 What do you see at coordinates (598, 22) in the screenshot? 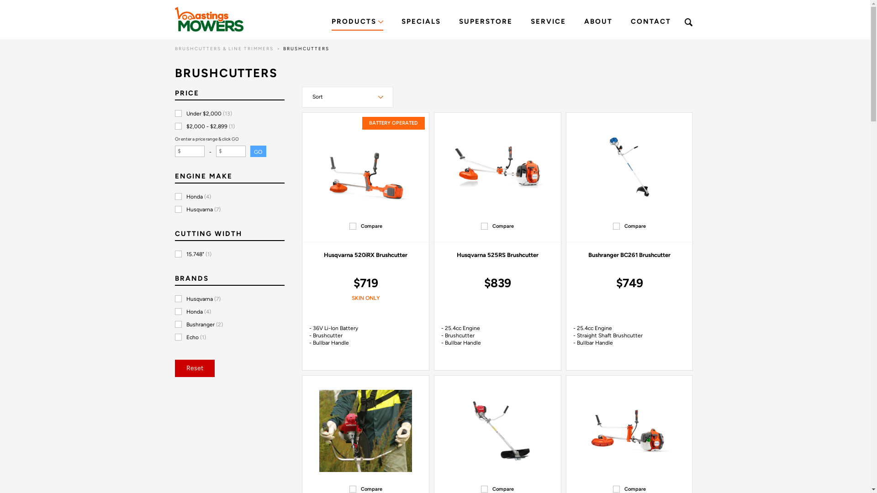
I see `'ABOUT'` at bounding box center [598, 22].